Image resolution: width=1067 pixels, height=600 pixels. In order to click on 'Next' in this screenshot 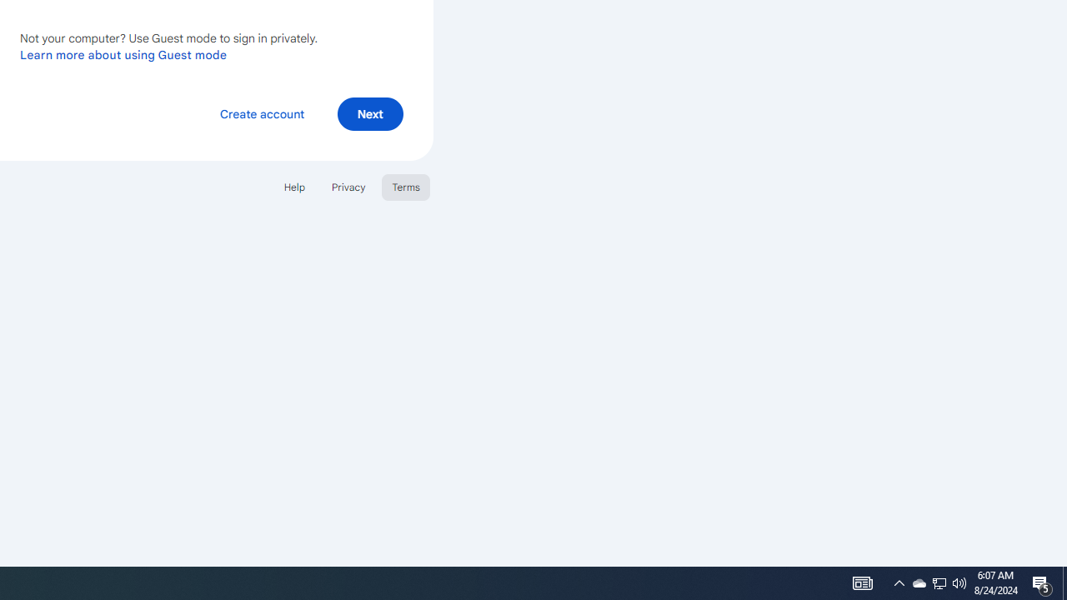, I will do `click(369, 112)`.